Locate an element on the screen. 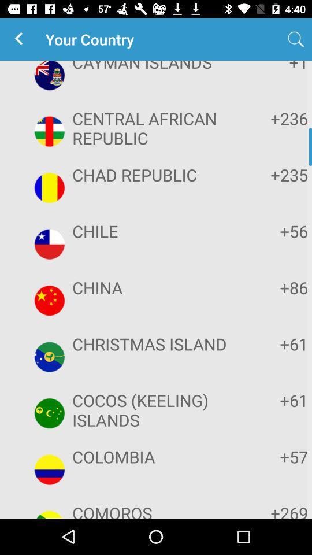 This screenshot has width=312, height=555. the cayman islands app is located at coordinates (154, 66).